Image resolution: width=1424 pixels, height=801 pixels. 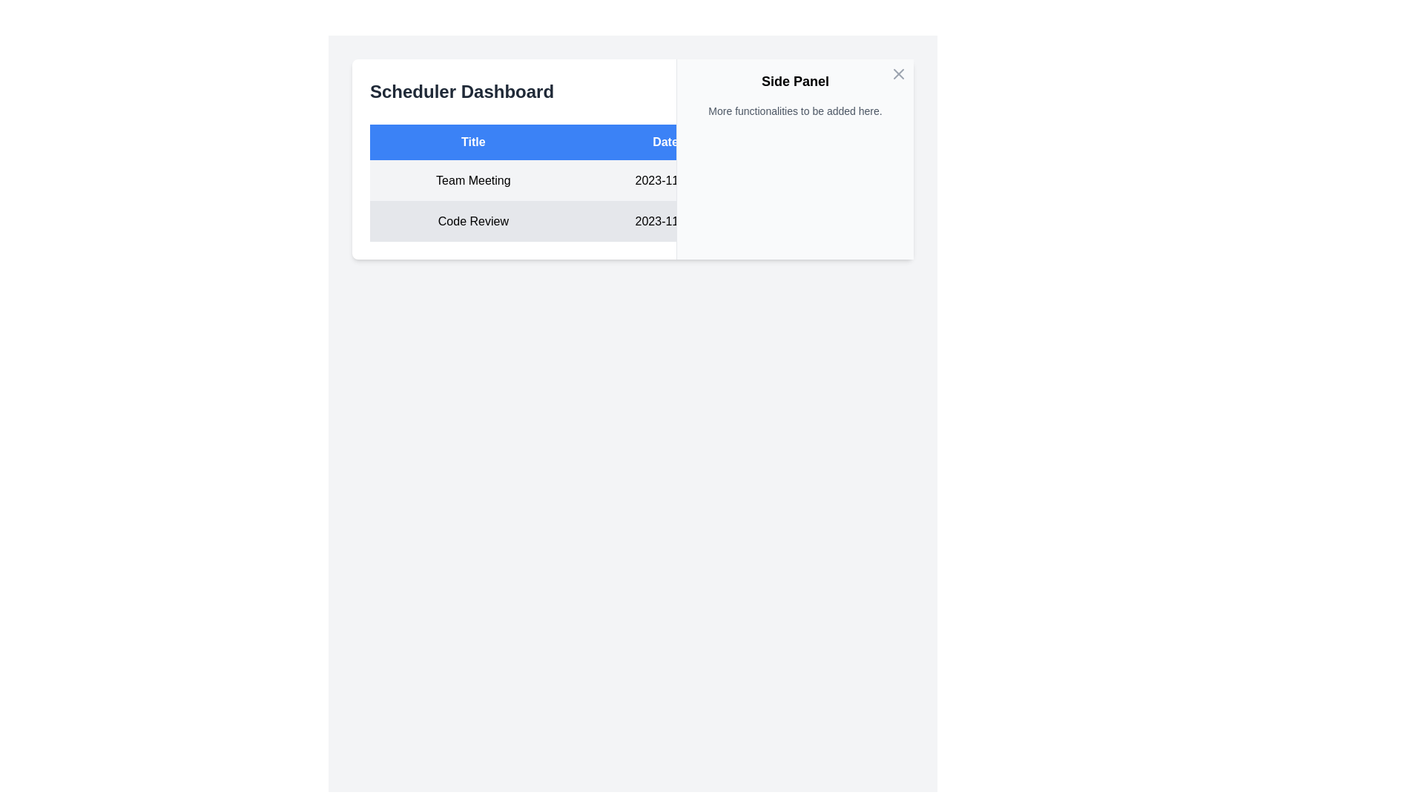 What do you see at coordinates (665, 142) in the screenshot?
I see `the 'Date' header label in the table, which is the second element in a group of three, positioned between 'Title' and 'Actions'` at bounding box center [665, 142].